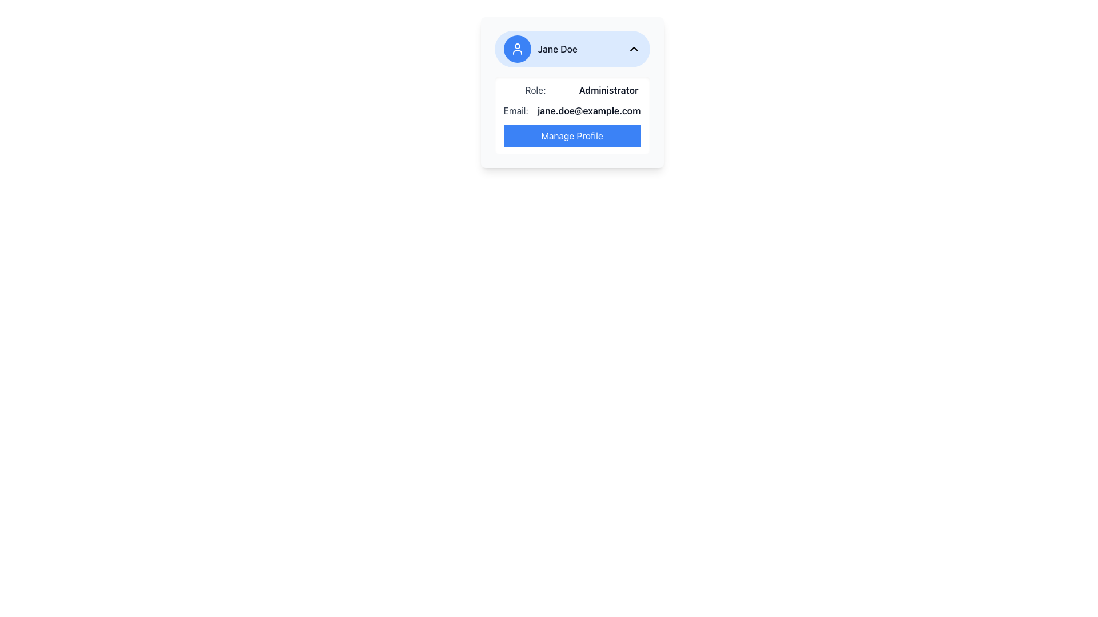 The width and height of the screenshot is (1098, 617). Describe the element at coordinates (535, 90) in the screenshot. I see `the label indicating the user's role, which is located to the left of the text 'Administrator' in the user details section` at that location.